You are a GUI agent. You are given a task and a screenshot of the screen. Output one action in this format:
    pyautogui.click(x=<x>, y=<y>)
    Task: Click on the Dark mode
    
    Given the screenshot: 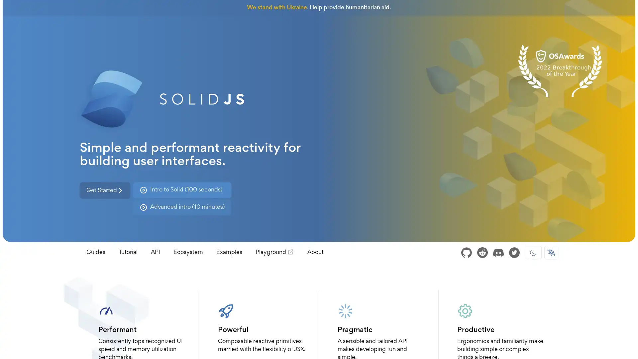 What is the action you would take?
    pyautogui.click(x=533, y=252)
    